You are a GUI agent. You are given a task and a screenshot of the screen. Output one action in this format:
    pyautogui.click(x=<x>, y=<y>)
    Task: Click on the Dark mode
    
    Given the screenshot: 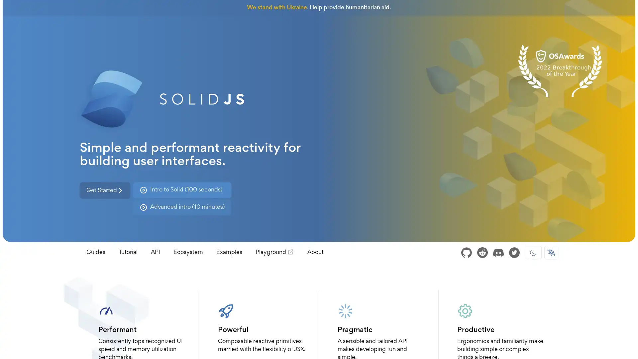 What is the action you would take?
    pyautogui.click(x=533, y=252)
    